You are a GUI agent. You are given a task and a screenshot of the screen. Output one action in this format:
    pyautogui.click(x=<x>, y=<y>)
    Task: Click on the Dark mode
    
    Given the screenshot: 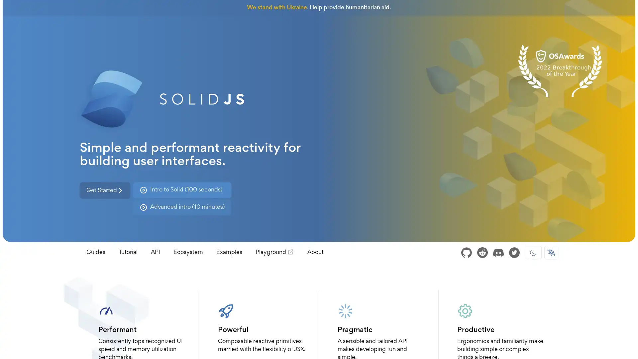 What is the action you would take?
    pyautogui.click(x=533, y=252)
    